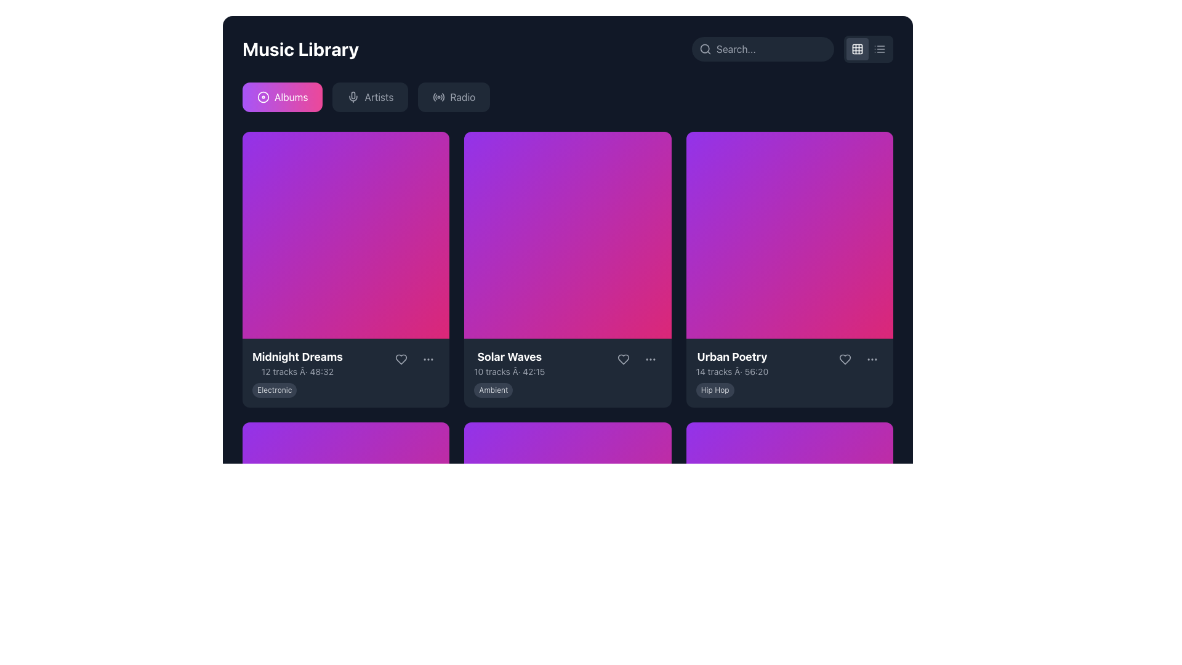  What do you see at coordinates (844, 359) in the screenshot?
I see `the heart-icon graphic indicating the 'favorite' or 'like' feature located in the bottom-right corner of the 'Urban Poetry' card` at bounding box center [844, 359].